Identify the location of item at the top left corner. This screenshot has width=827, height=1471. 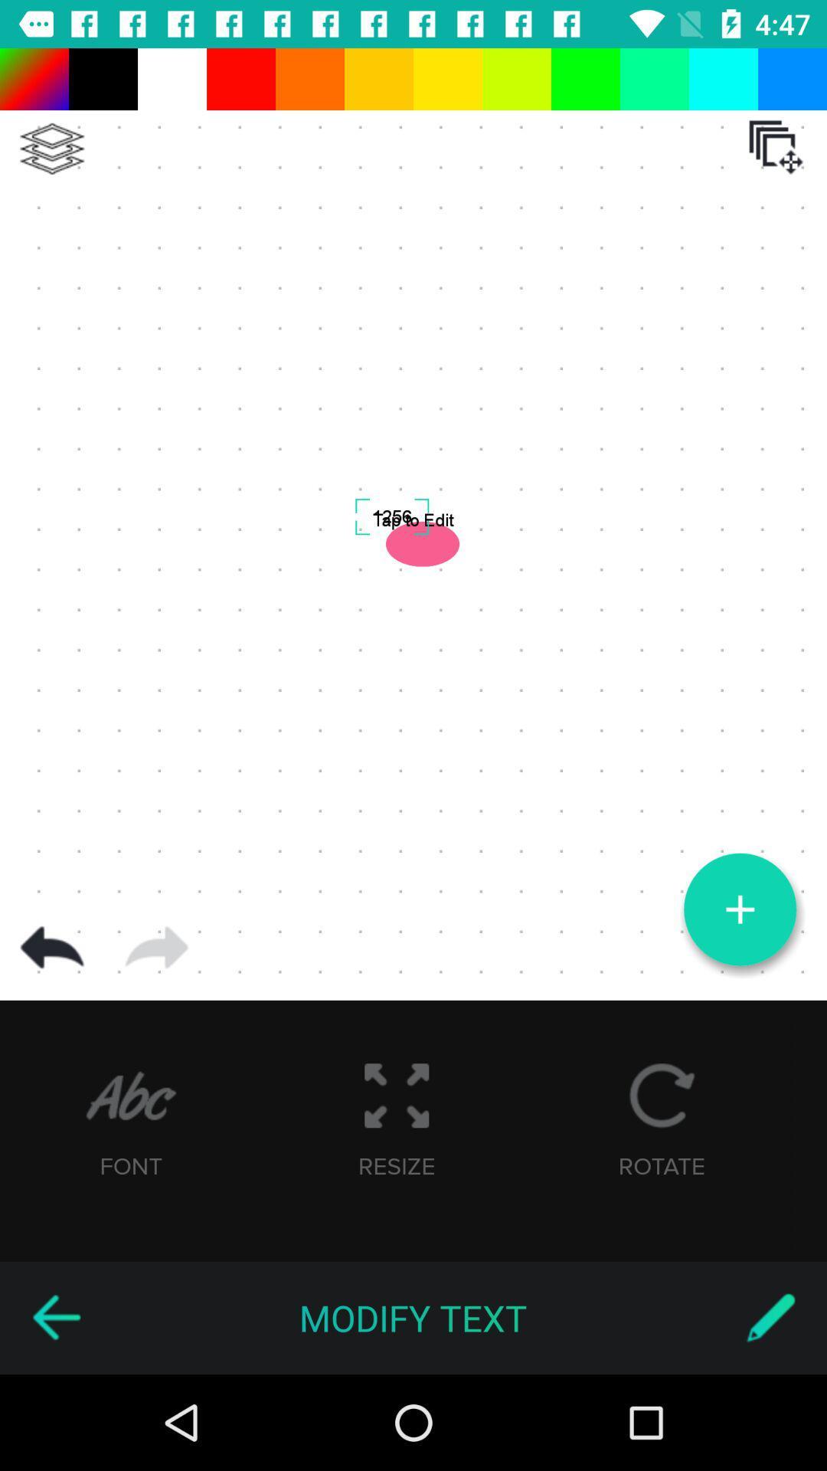
(51, 149).